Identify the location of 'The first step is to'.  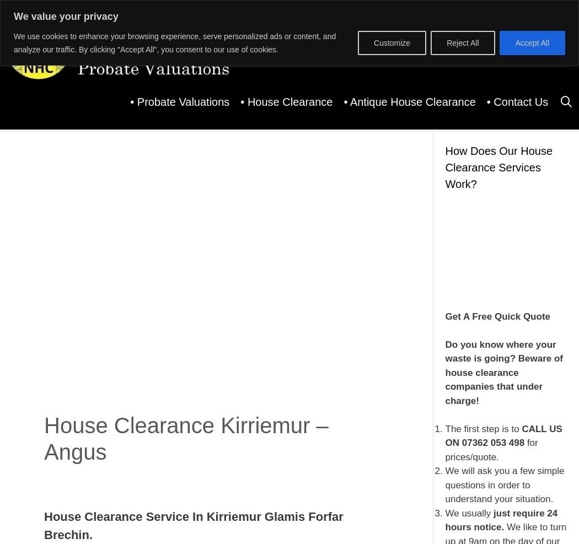
(444, 428).